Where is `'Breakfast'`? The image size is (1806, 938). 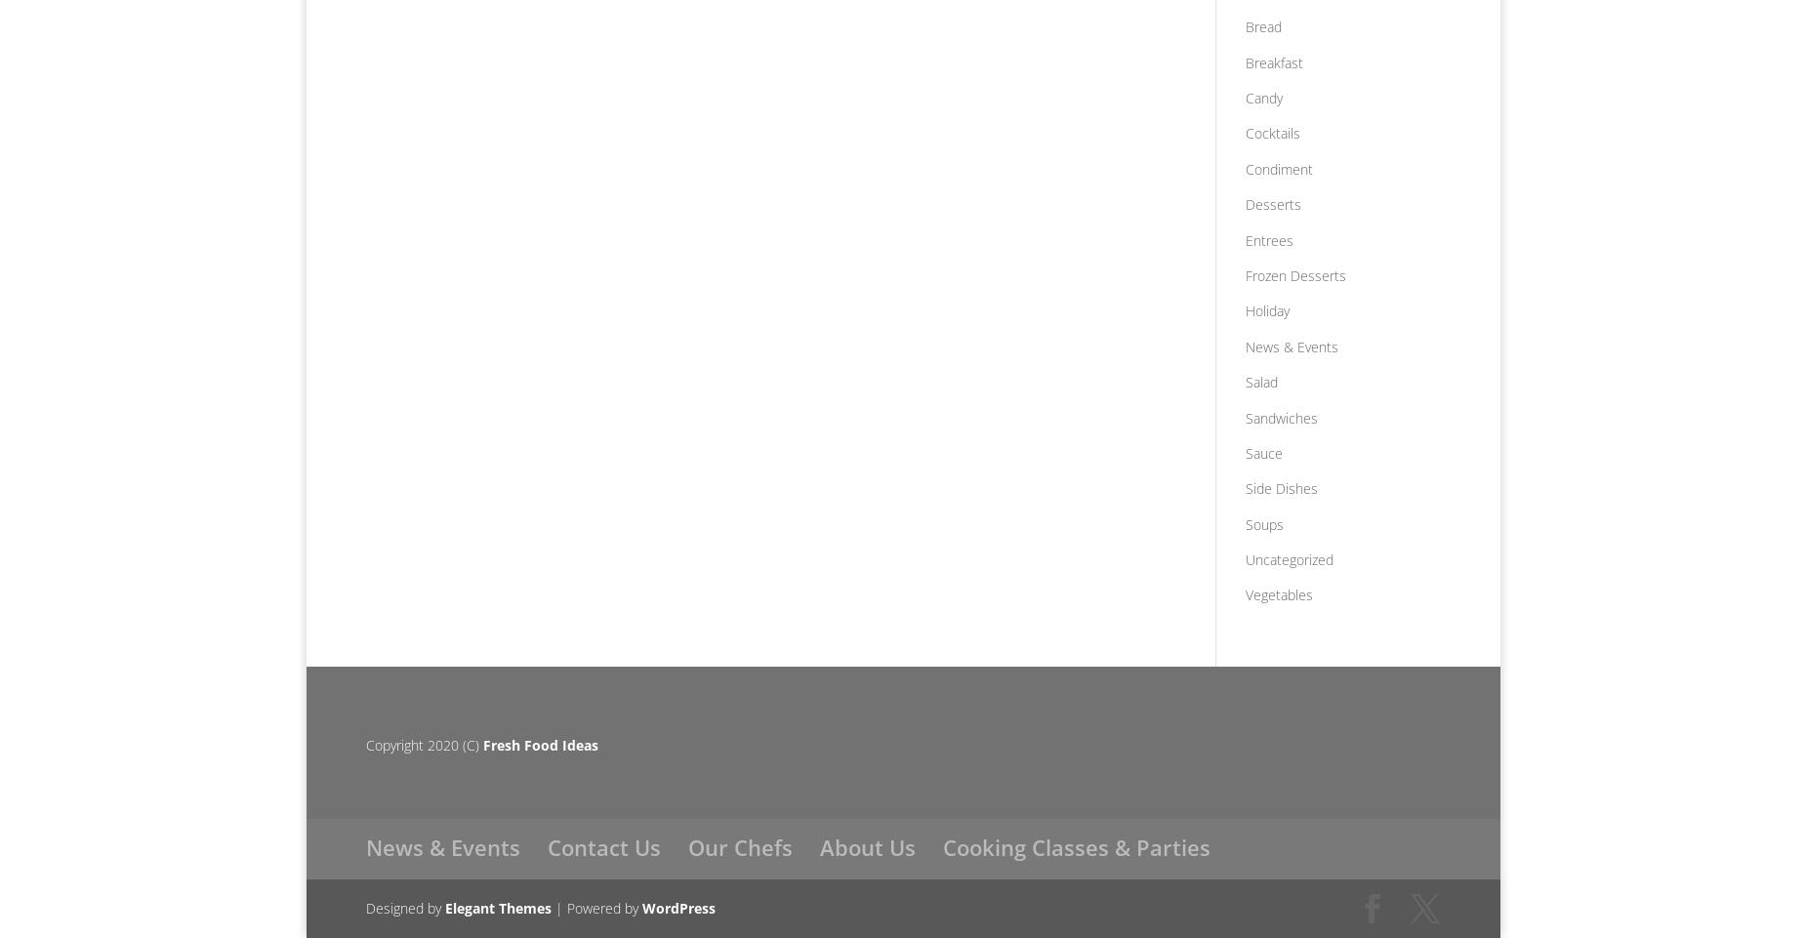 'Breakfast' is located at coordinates (1272, 61).